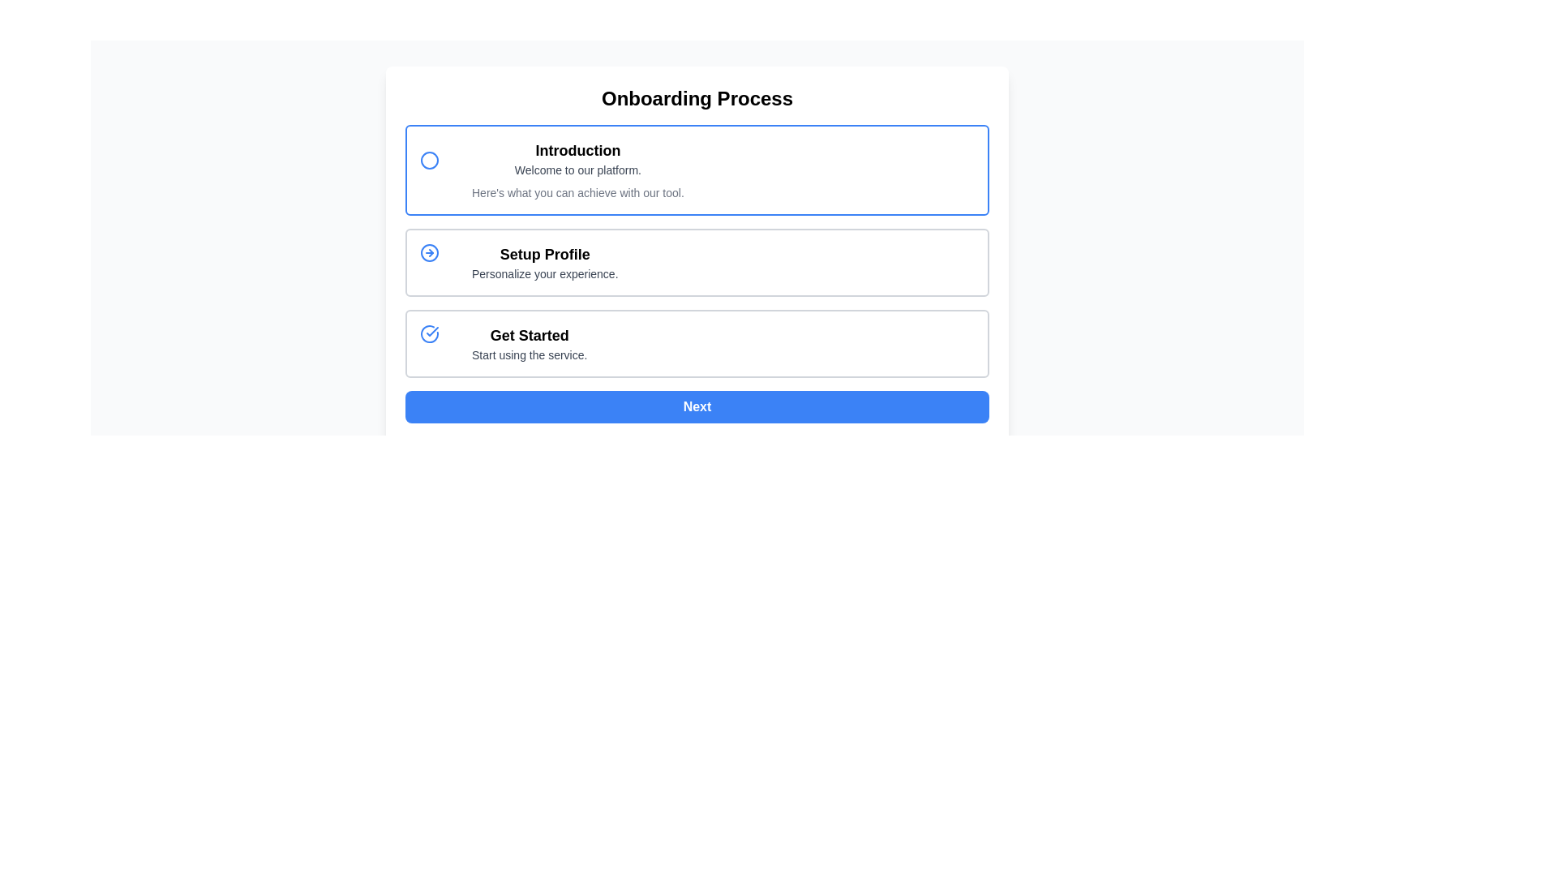 The width and height of the screenshot is (1557, 876). Describe the element at coordinates (429, 333) in the screenshot. I see `the graphical decorative element icon indicating the completion or selection status of the 'Get Started' onboarding step, positioned in the third row and aligned to the left of the 'Get Started' text` at that location.